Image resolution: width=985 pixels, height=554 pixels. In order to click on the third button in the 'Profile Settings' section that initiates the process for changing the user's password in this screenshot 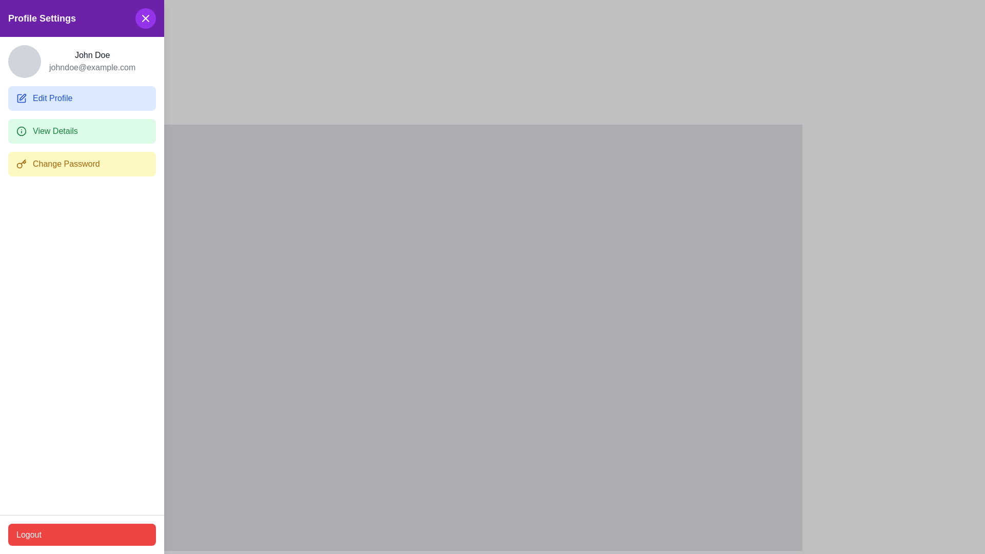, I will do `click(81, 164)`.